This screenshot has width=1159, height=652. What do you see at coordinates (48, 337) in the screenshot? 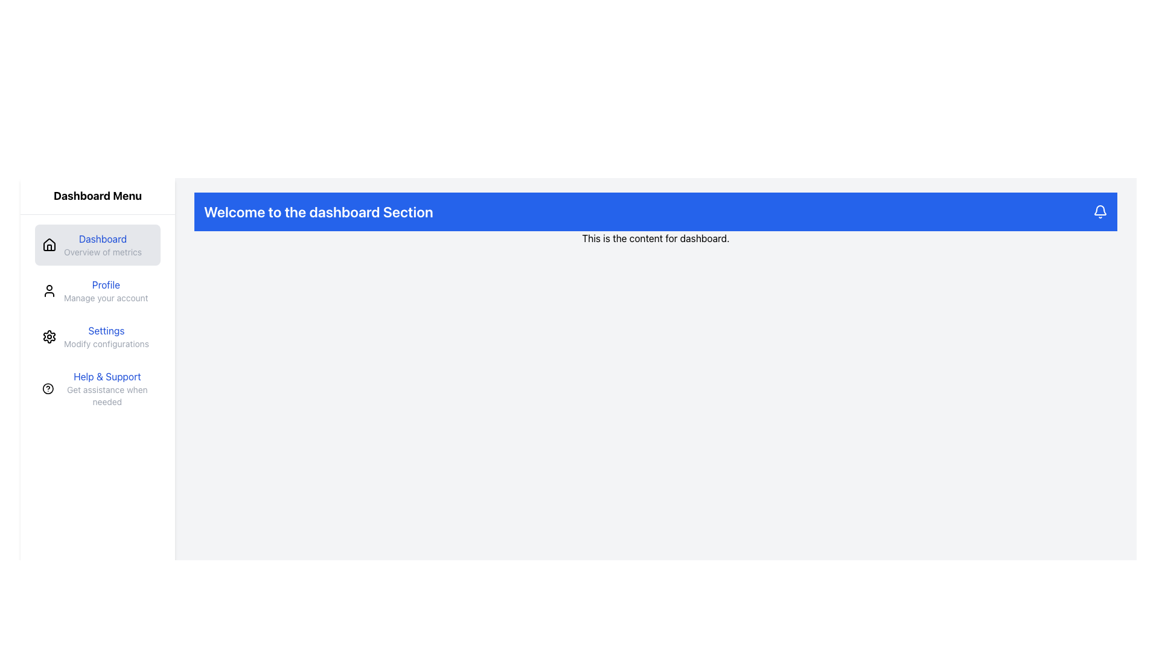
I see `the 'Settings' icon located to the left of the 'Settings Modify configurations' text in the vertical menu` at bounding box center [48, 337].